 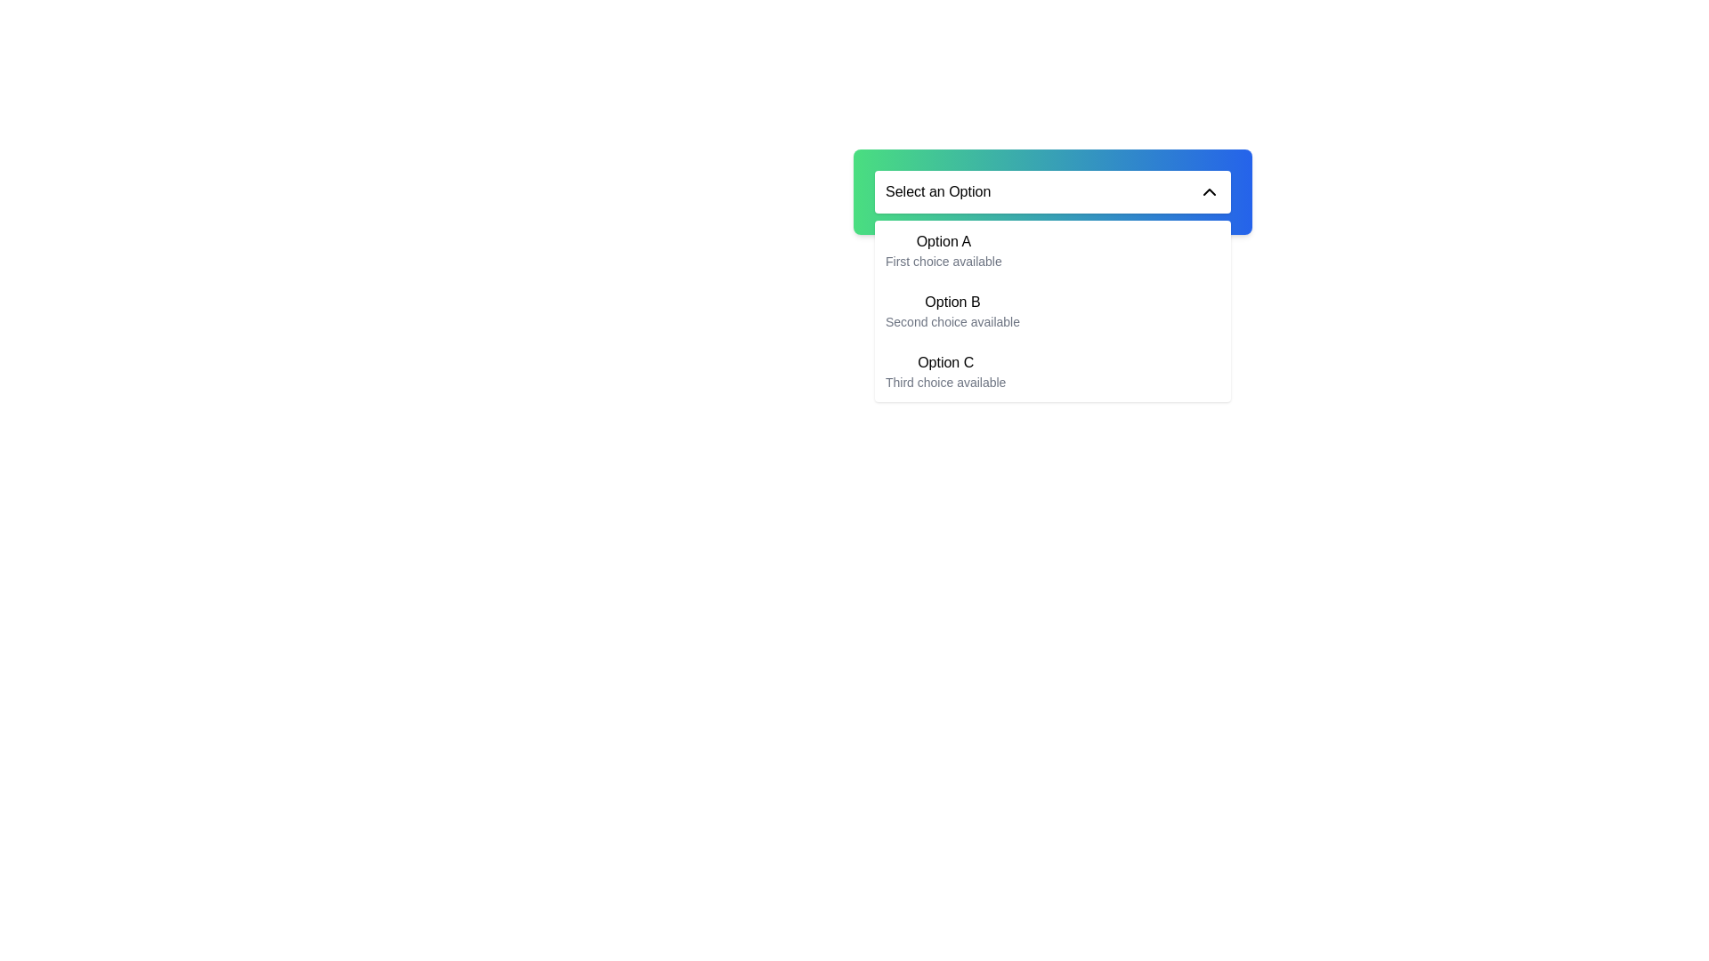 What do you see at coordinates (952, 322) in the screenshot?
I see `the static text label reading 'Second choice available', which is positioned below the option 'Option B' in the dropdown menu` at bounding box center [952, 322].